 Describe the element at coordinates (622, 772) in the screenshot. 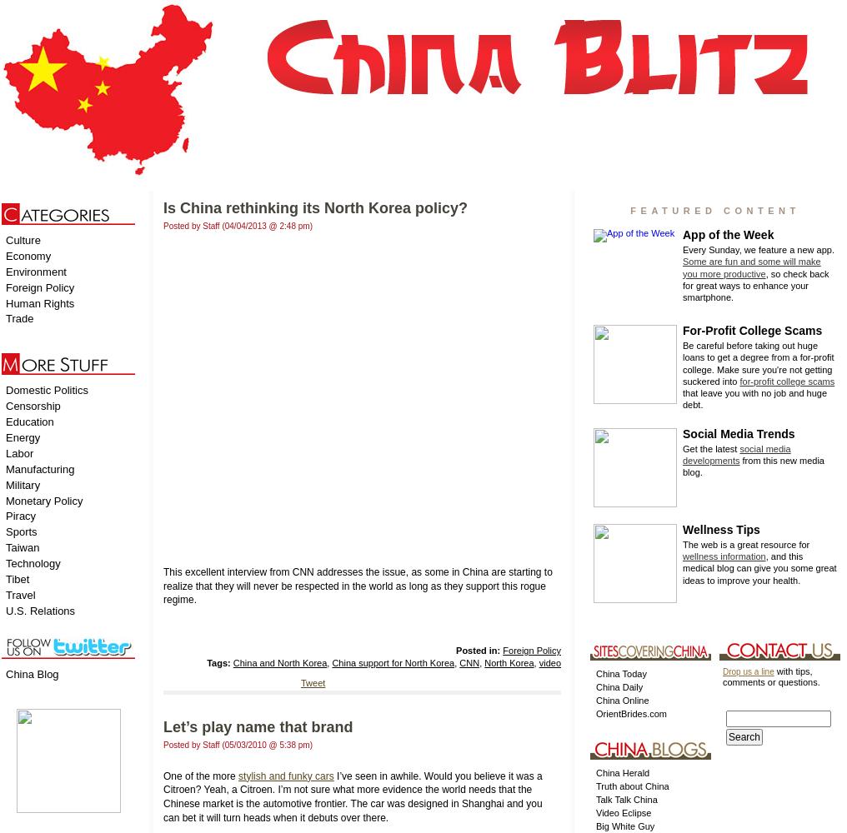

I see `'China Herald'` at that location.